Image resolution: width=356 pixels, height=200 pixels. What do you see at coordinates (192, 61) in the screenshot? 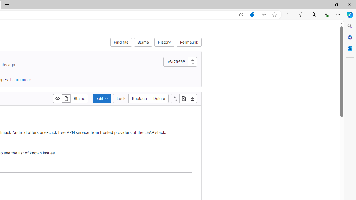
I see `'Copy commit SHA'` at bounding box center [192, 61].